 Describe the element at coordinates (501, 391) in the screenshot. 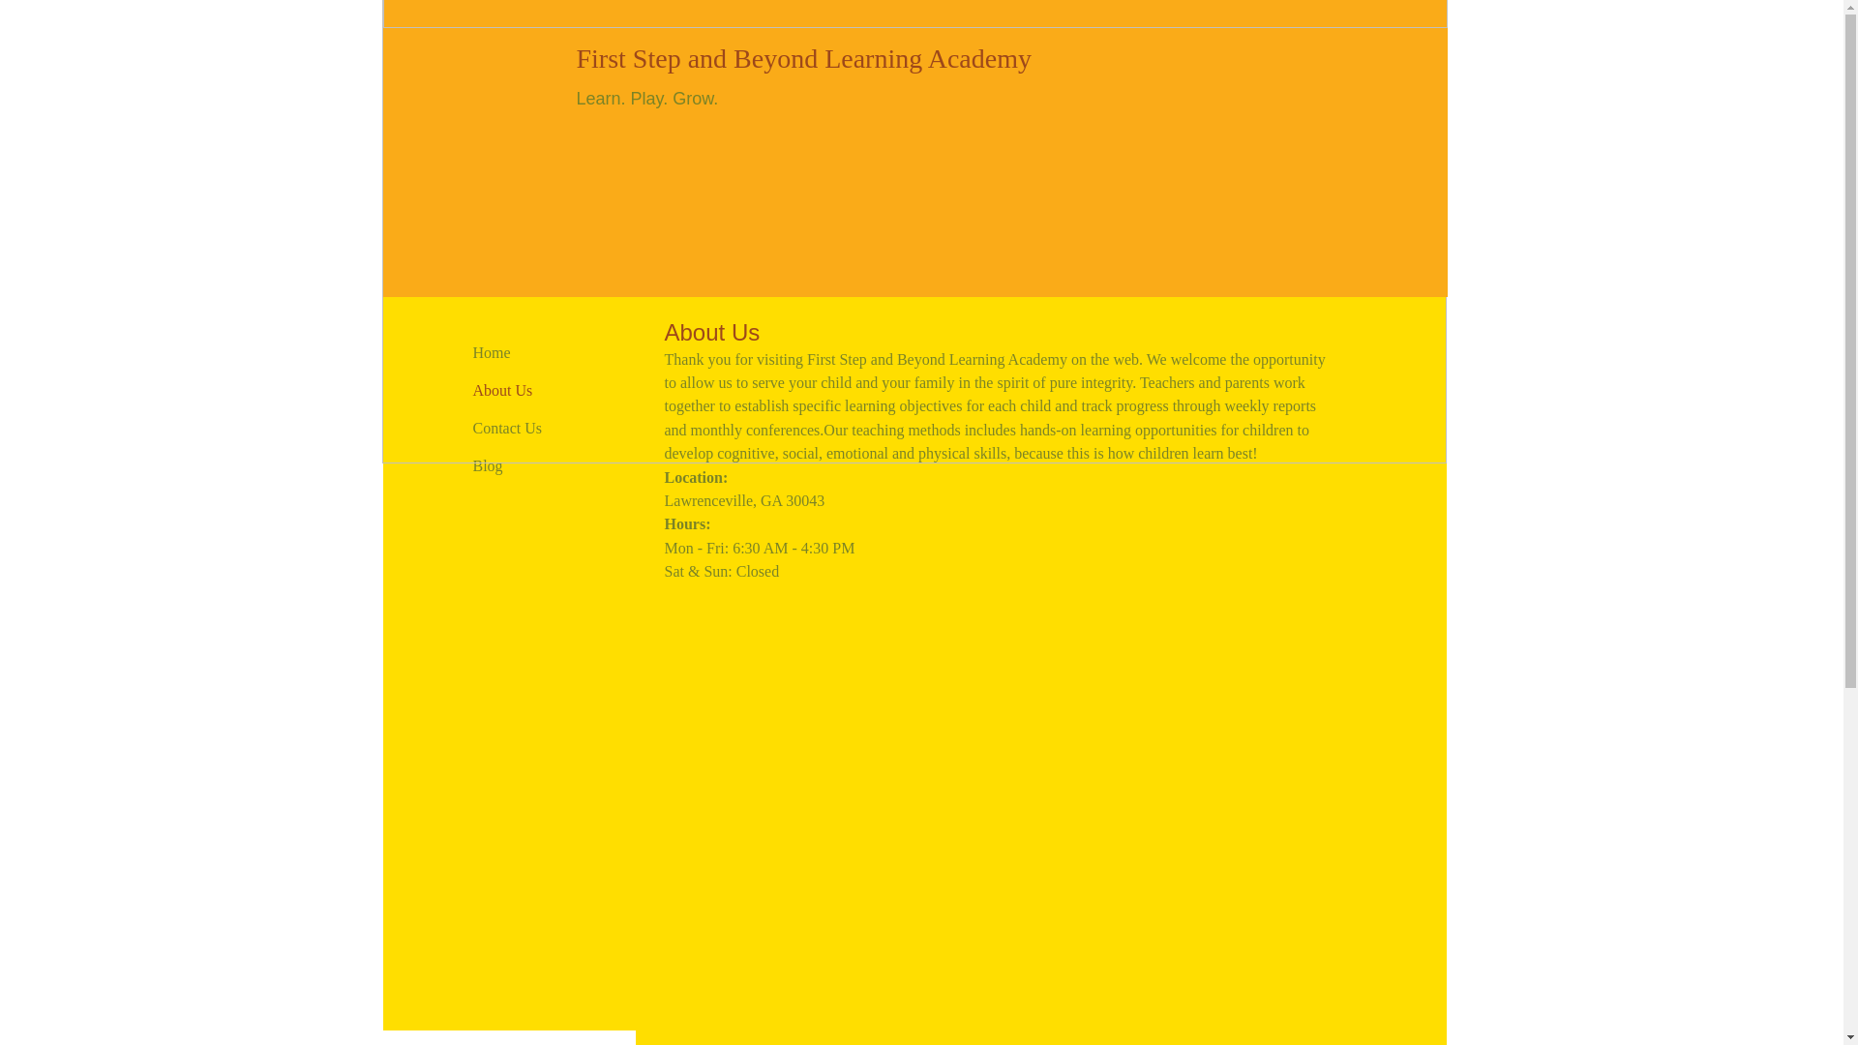

I see `'About Us'` at that location.